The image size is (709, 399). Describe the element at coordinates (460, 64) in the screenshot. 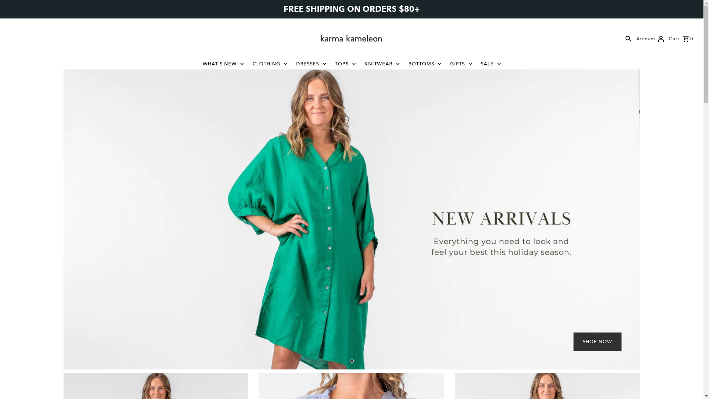

I see `'GIFTS'` at that location.